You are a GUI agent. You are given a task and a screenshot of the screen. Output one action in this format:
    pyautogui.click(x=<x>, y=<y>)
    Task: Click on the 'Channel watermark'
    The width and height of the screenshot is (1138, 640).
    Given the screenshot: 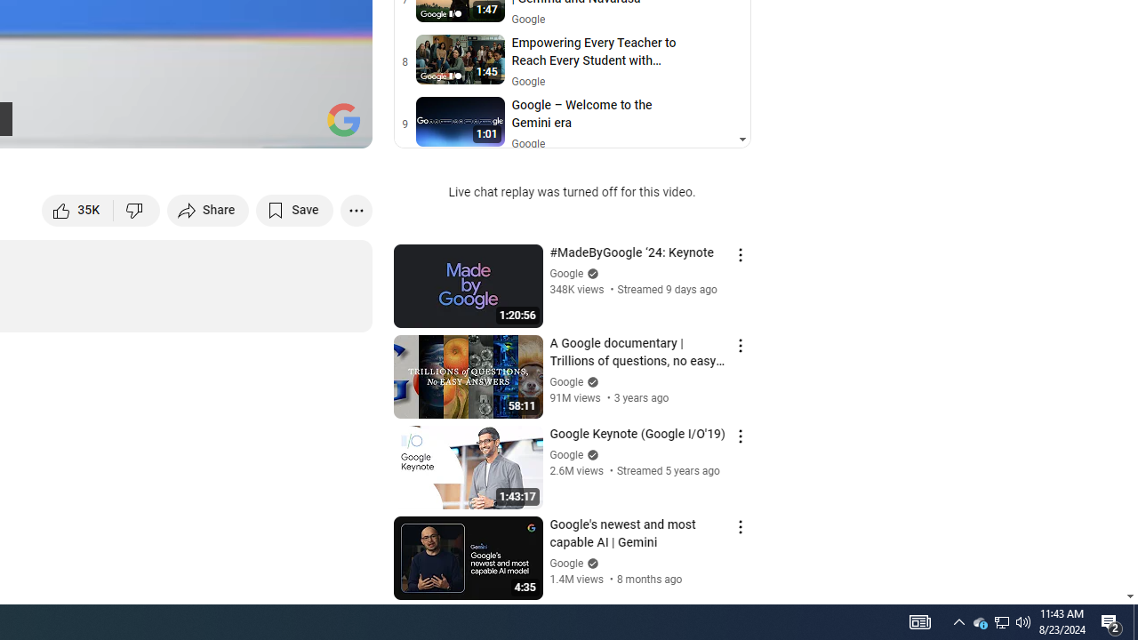 What is the action you would take?
    pyautogui.click(x=343, y=120)
    